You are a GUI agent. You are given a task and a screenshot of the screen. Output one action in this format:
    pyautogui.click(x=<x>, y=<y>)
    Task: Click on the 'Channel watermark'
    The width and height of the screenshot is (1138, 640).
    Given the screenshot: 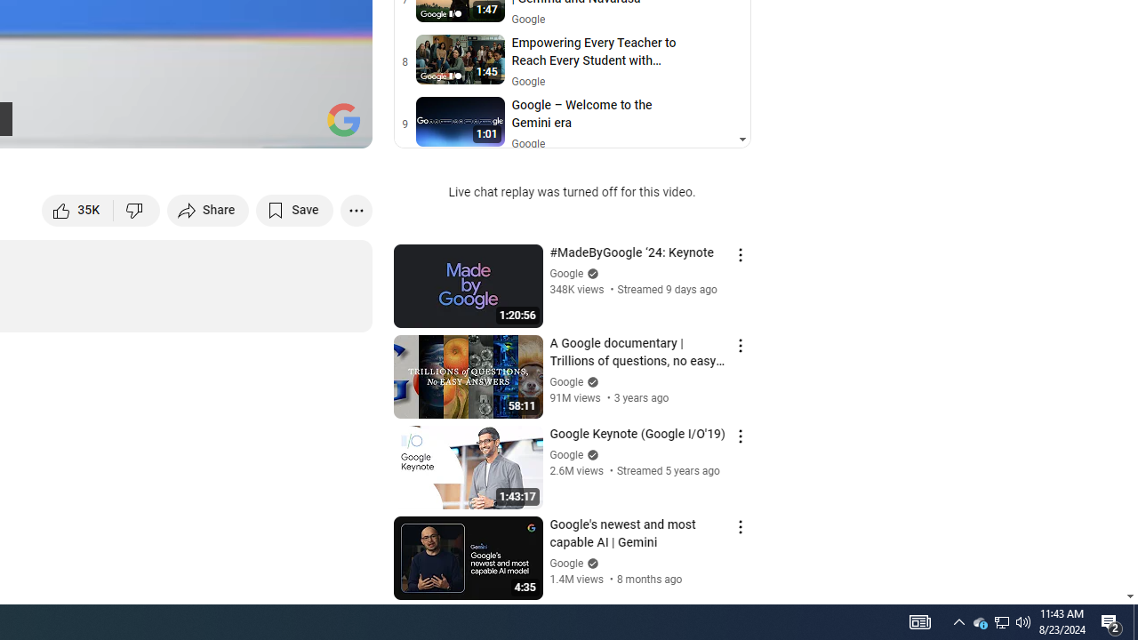 What is the action you would take?
    pyautogui.click(x=343, y=120)
    